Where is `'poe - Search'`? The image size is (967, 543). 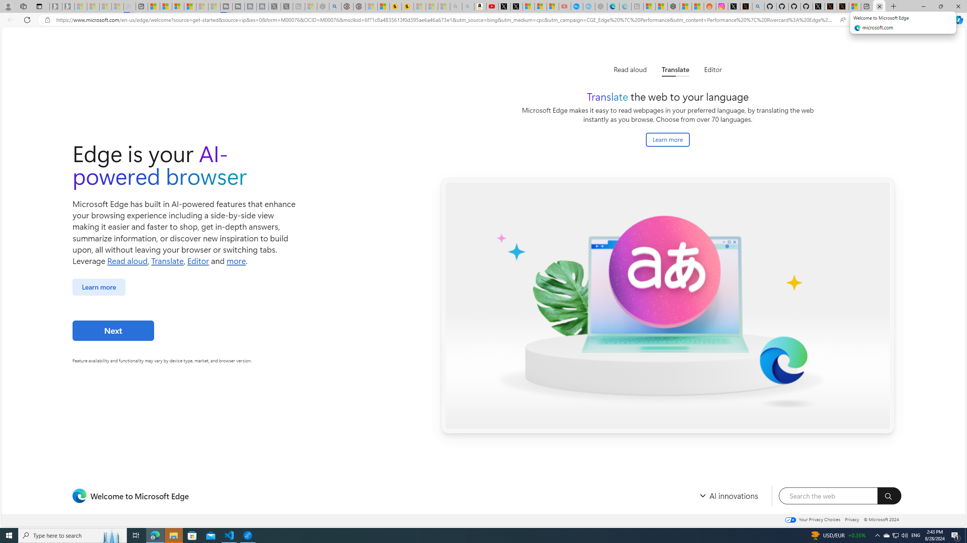 'poe - Search' is located at coordinates (335, 6).